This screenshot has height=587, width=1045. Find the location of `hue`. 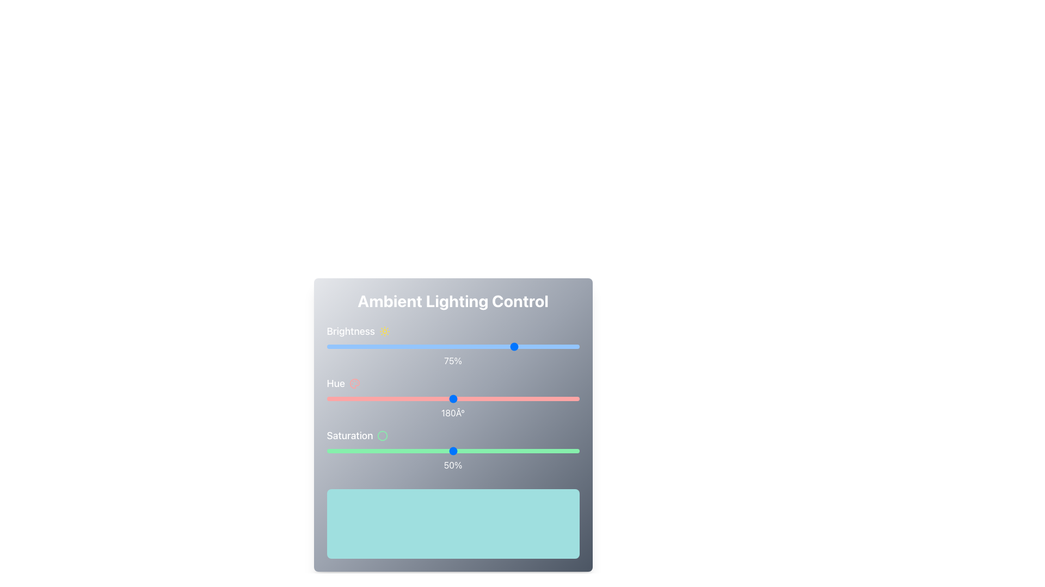

hue is located at coordinates (525, 398).